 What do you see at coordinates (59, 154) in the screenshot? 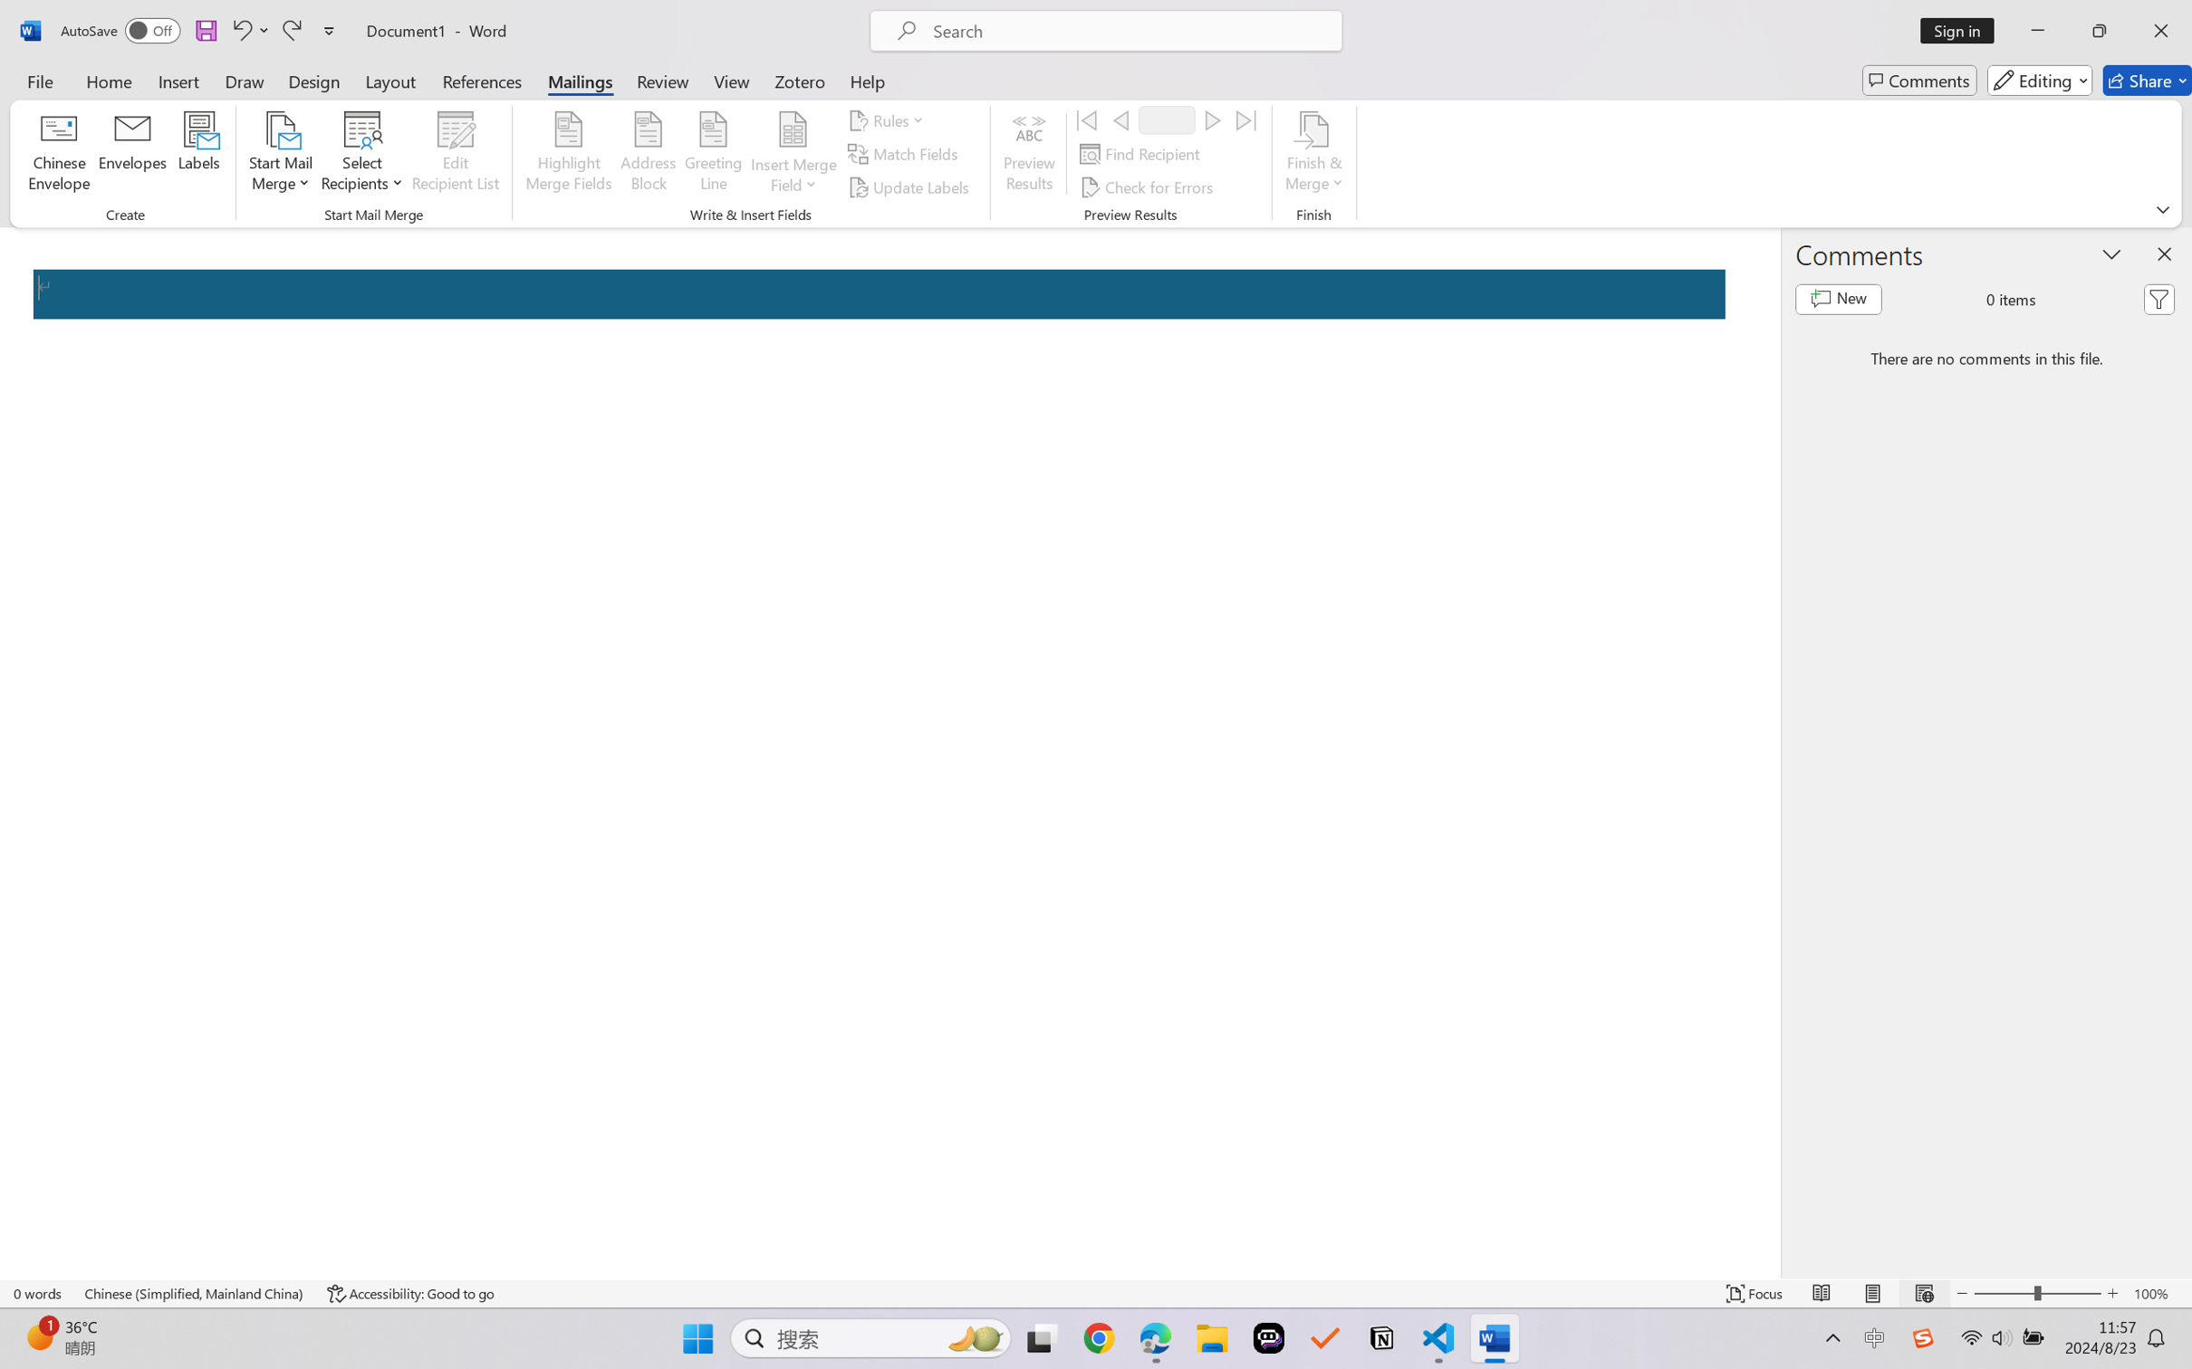
I see `'Chinese Envelope...'` at bounding box center [59, 154].